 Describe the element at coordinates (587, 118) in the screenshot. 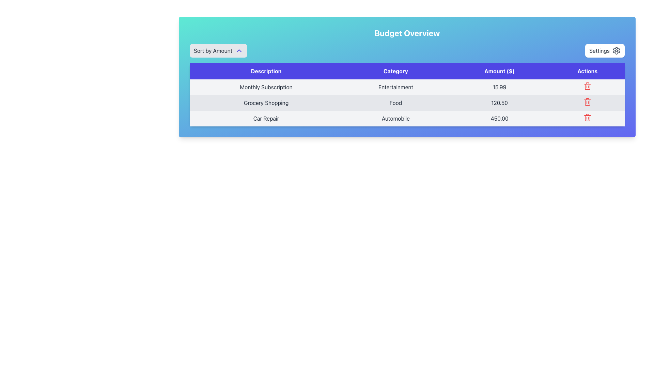

I see `the delete button located in the 'Actions' column of the row containing 'Car Repair'` at that location.